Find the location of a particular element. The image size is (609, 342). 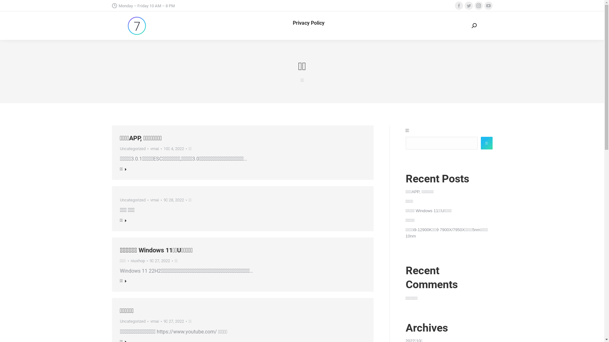

'Twitter page opens in new window' is located at coordinates (464, 6).